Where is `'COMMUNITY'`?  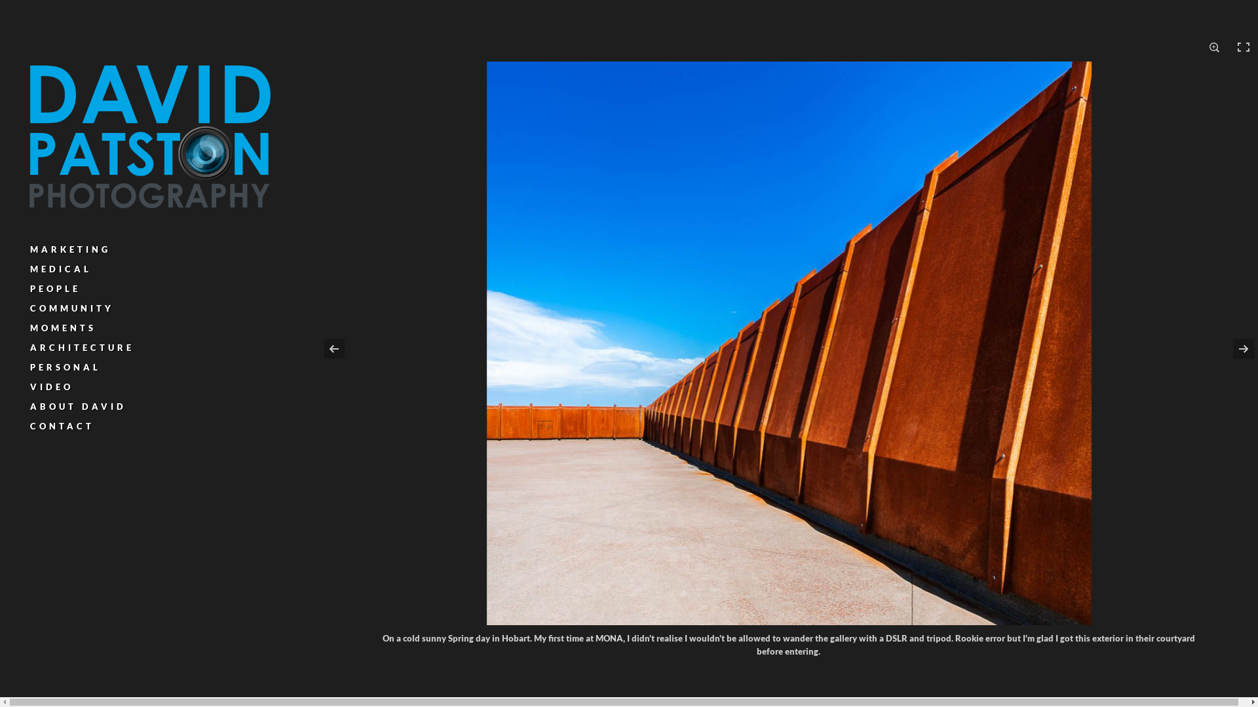
'COMMUNITY' is located at coordinates (71, 308).